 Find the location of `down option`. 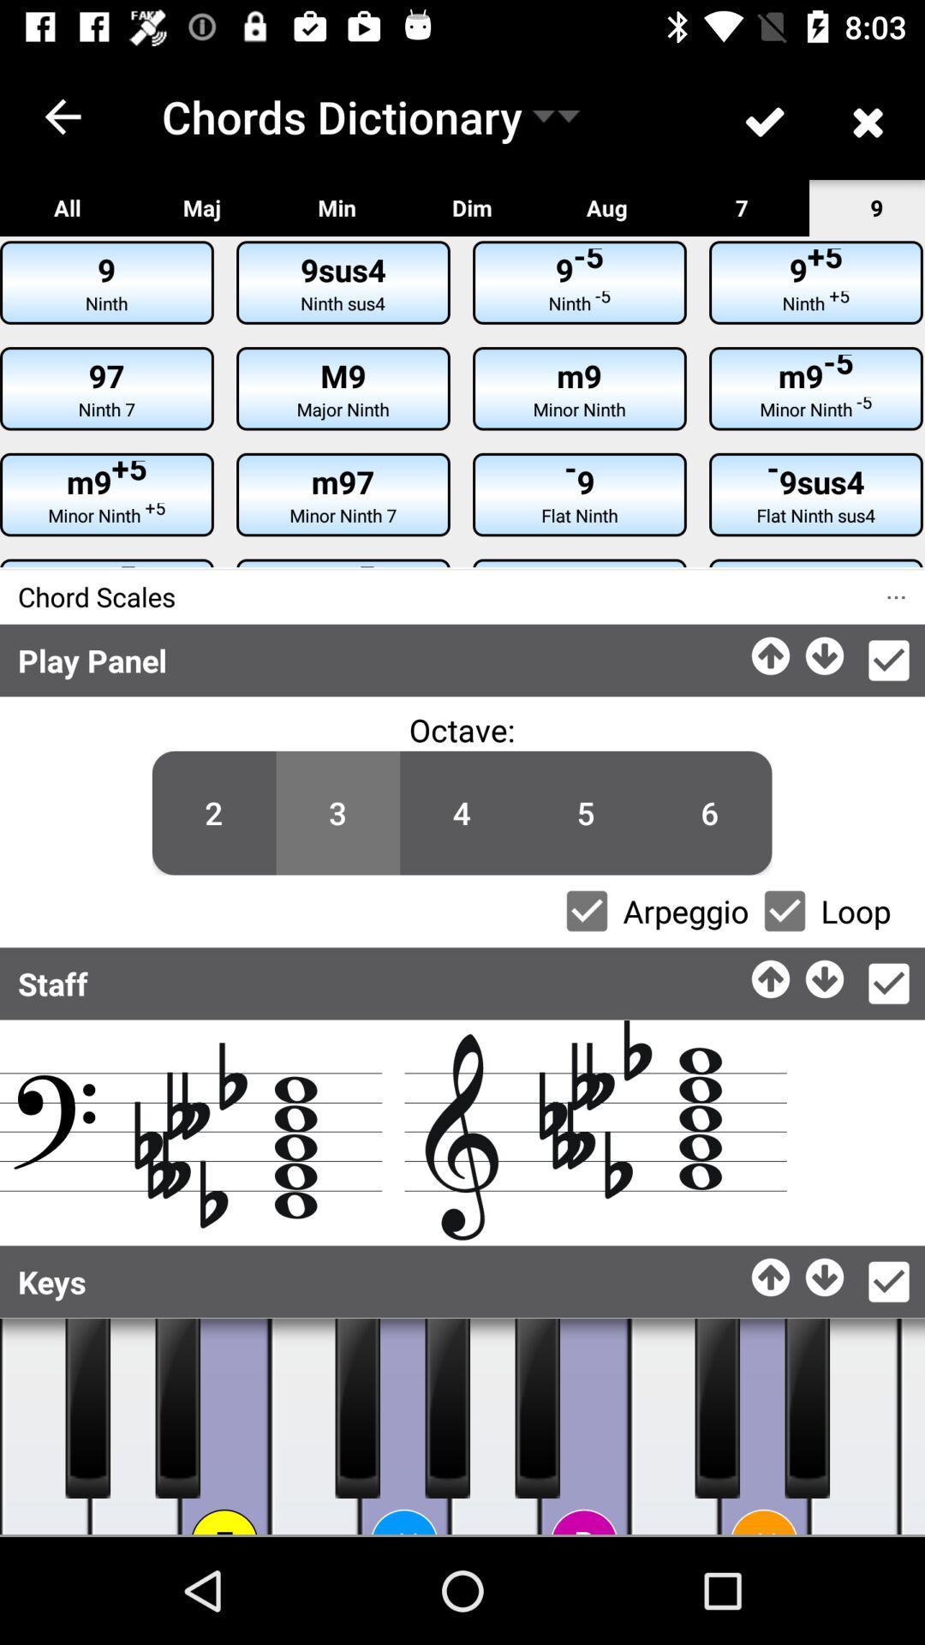

down option is located at coordinates (825, 1272).